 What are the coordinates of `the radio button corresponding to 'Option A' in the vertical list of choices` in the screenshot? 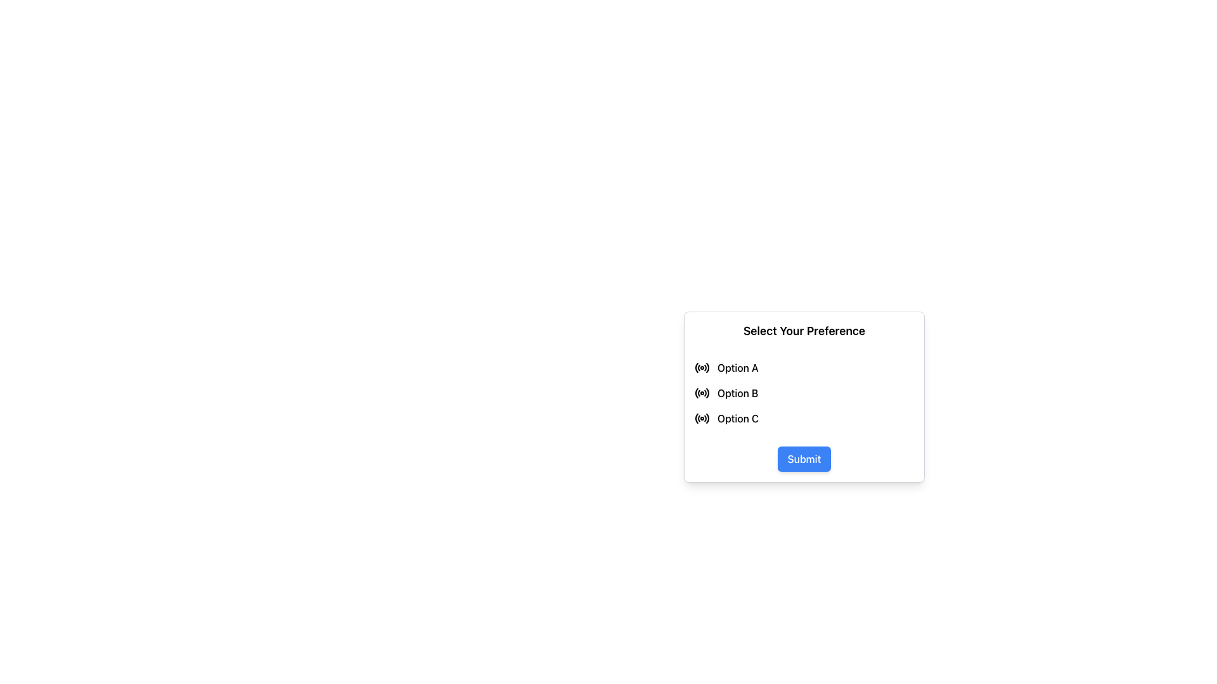 It's located at (702, 368).